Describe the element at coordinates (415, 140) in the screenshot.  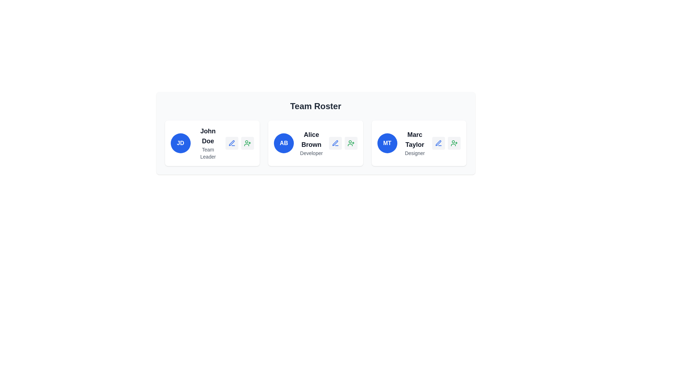
I see `the text label displaying 'Marc Taylor' which identifies the individual in the rightmost card of the 'Team Roster' section` at that location.